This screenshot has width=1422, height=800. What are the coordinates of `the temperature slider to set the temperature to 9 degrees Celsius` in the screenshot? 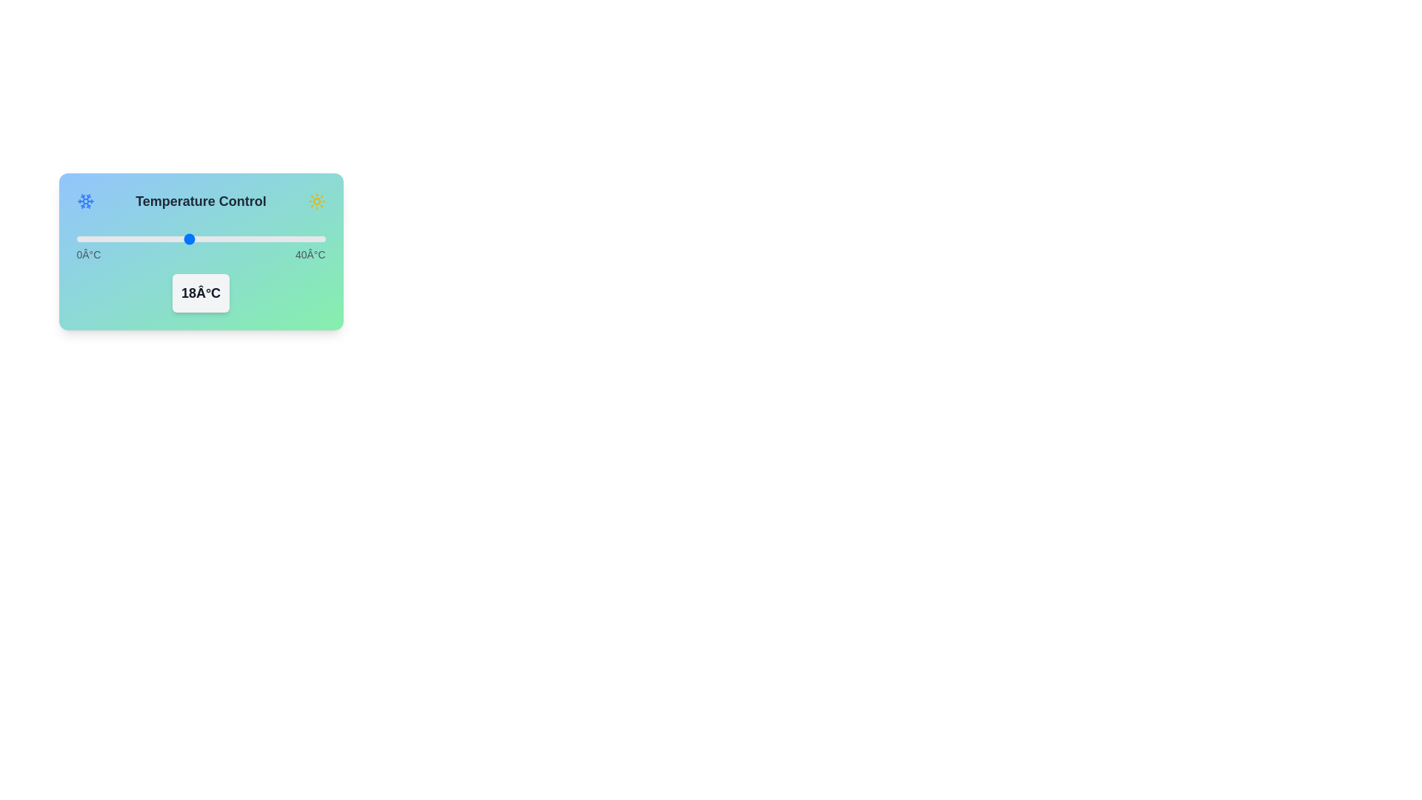 It's located at (133, 239).